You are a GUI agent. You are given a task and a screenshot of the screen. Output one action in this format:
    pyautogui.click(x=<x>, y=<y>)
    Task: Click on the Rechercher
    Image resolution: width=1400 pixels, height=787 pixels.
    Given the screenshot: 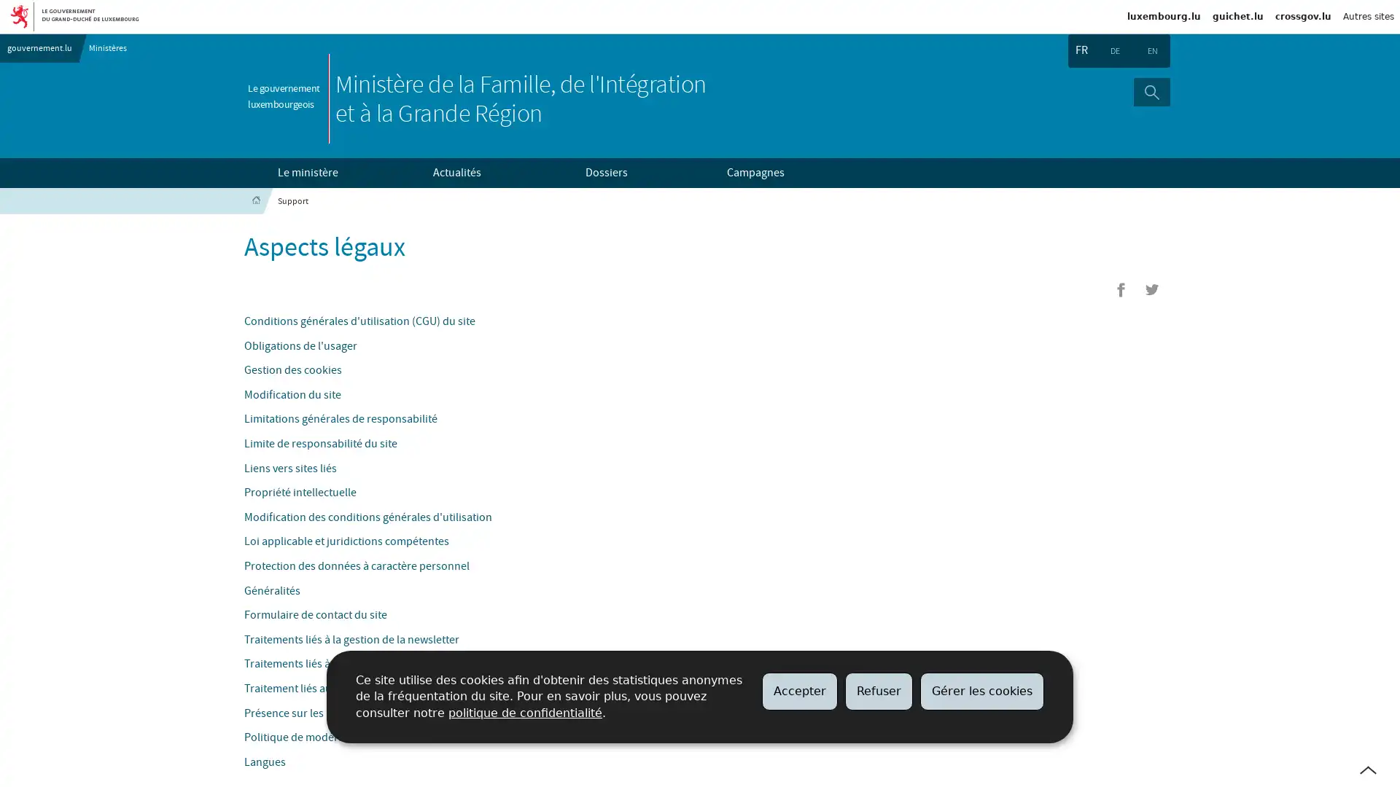 What is the action you would take?
    pyautogui.click(x=1151, y=92)
    